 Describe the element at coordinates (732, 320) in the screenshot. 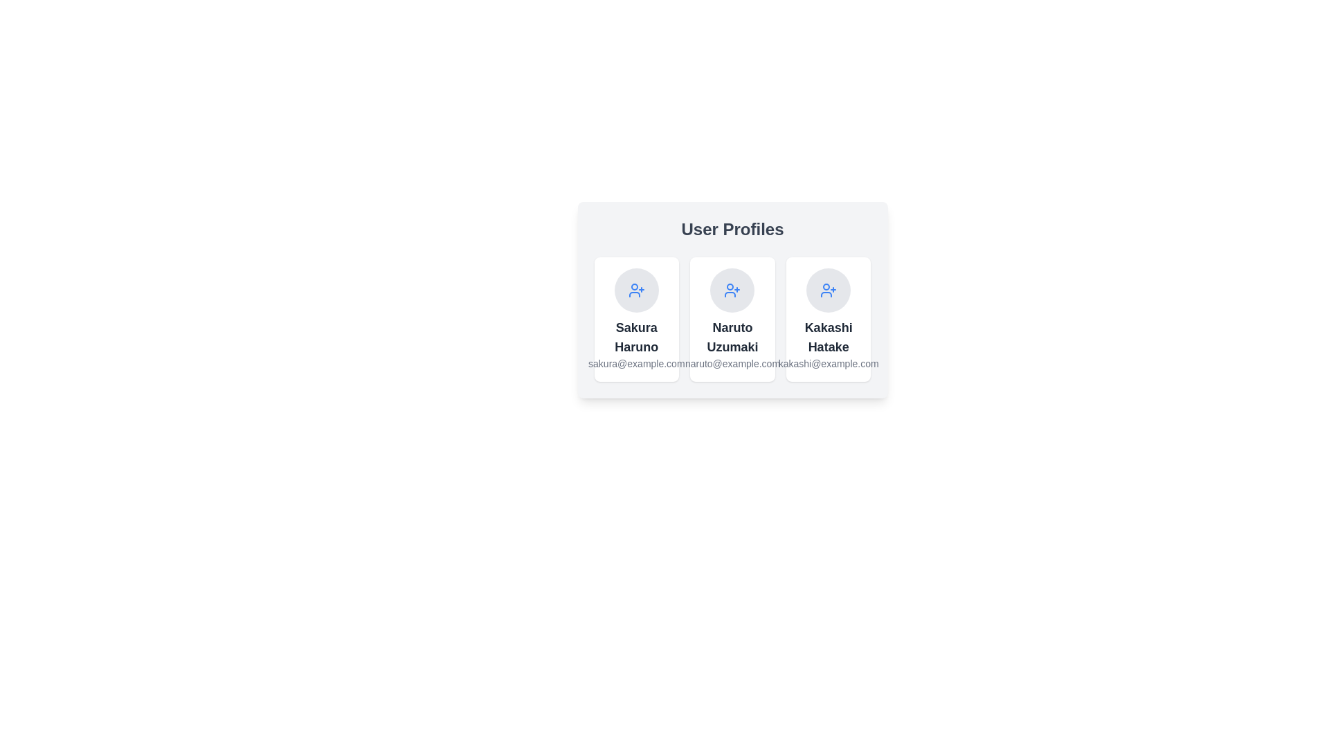

I see `the highlighted user profile in the grid of user profiles` at that location.